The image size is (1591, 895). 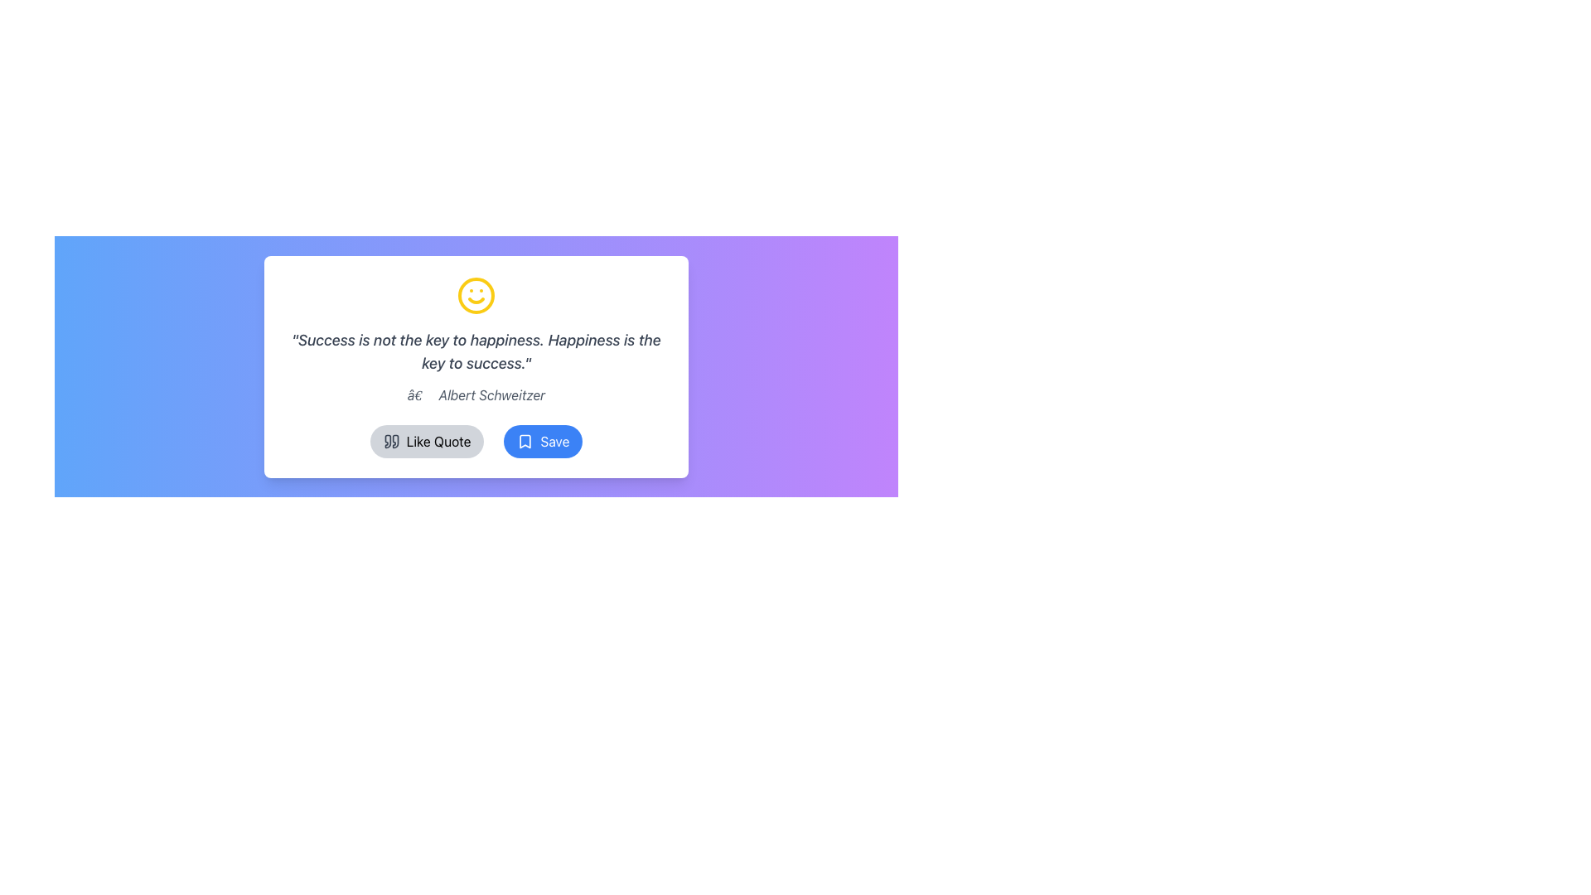 I want to click on the bookmark icon located inside the 'Save' button, positioned to the right of the 'Like Quote' button, so click(x=525, y=440).